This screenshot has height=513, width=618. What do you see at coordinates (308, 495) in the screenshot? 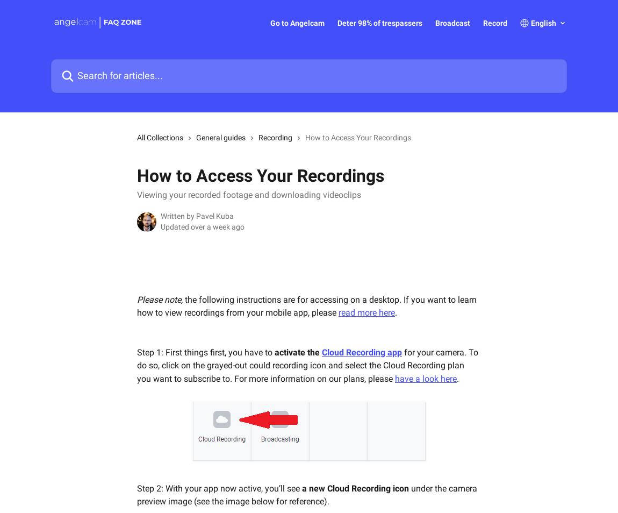
I see `'under the camera preview image (see the image below for reference).'` at bounding box center [308, 495].